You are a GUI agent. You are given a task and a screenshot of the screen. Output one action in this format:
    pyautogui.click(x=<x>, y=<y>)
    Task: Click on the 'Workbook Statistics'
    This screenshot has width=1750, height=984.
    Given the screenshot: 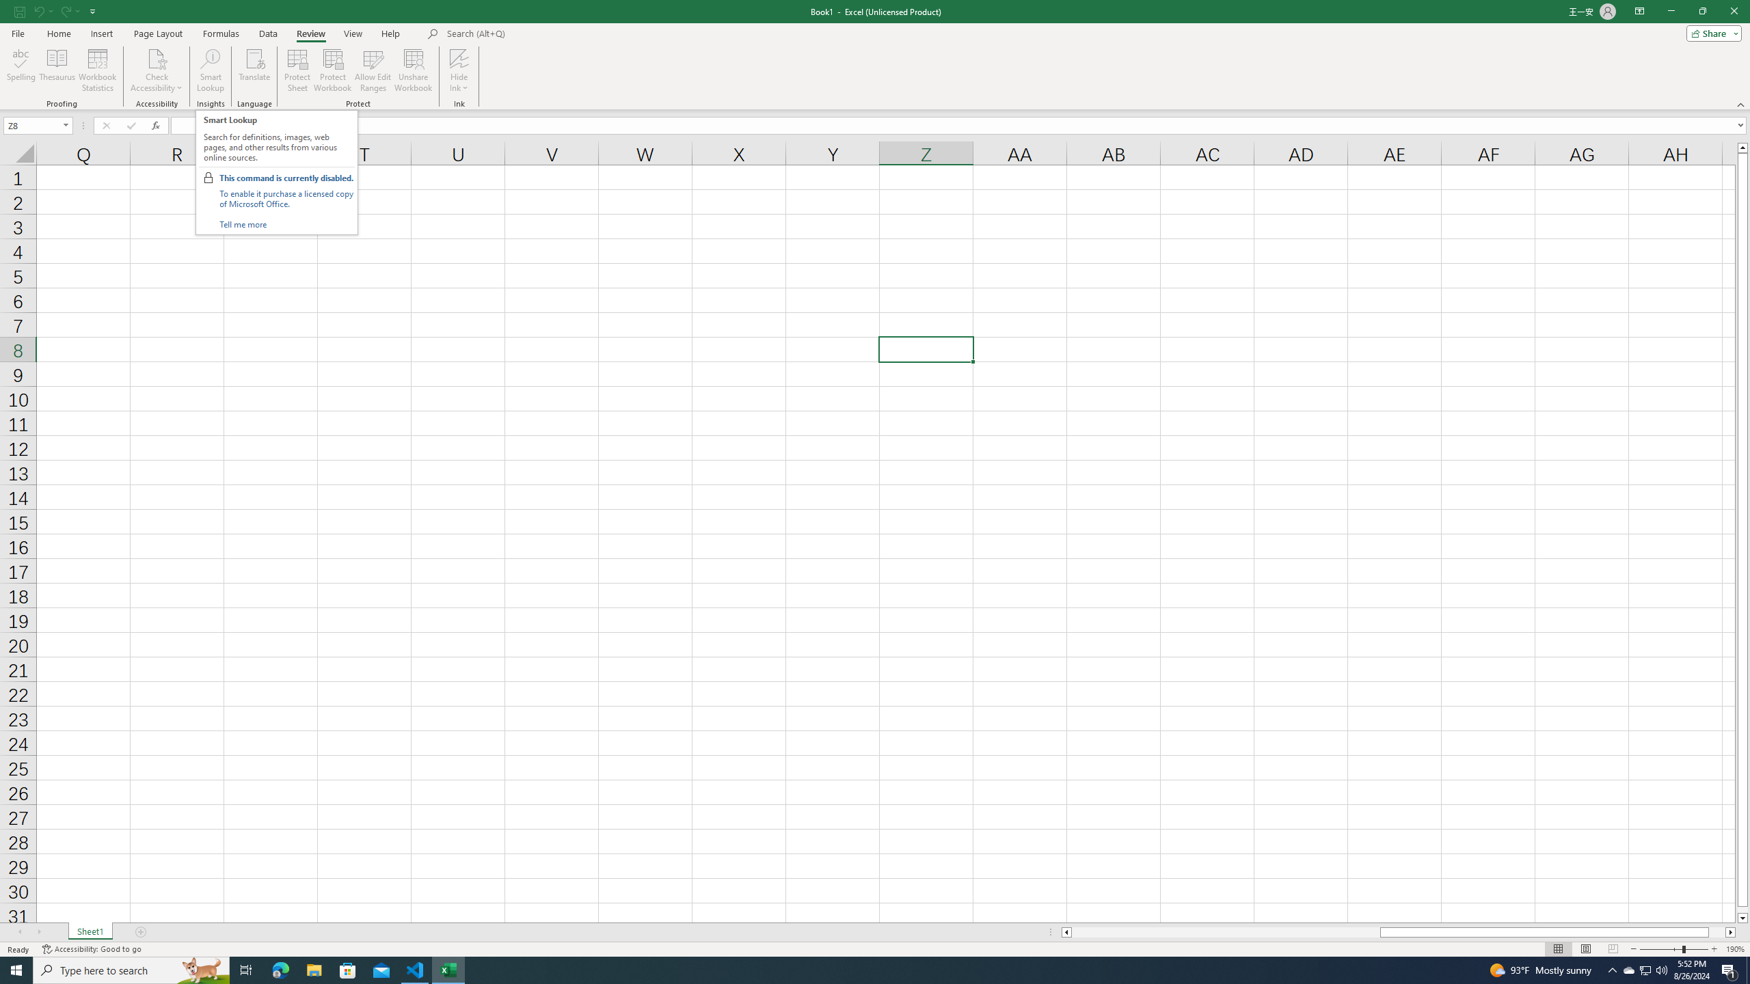 What is the action you would take?
    pyautogui.click(x=97, y=70)
    